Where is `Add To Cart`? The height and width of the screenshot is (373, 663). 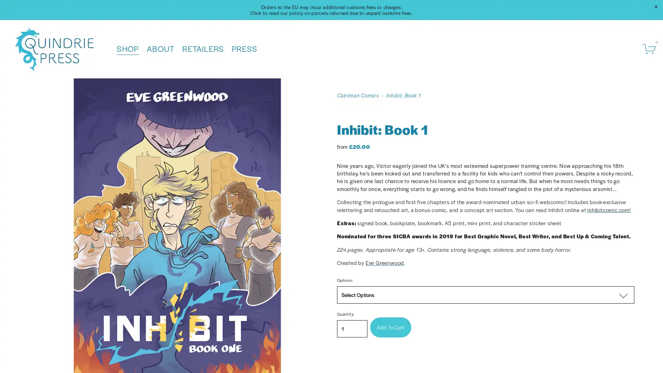
Add To Cart is located at coordinates (390, 327).